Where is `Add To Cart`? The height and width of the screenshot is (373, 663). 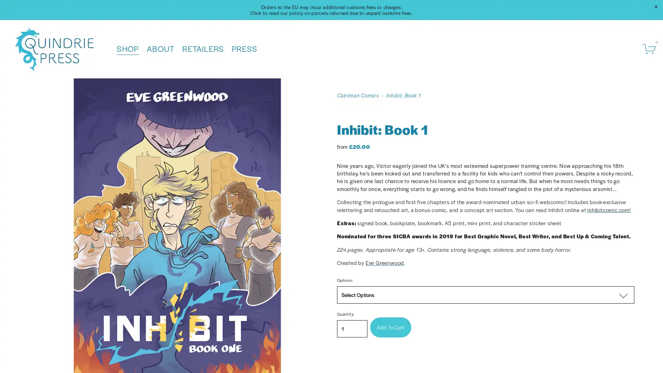
Add To Cart is located at coordinates (390, 327).